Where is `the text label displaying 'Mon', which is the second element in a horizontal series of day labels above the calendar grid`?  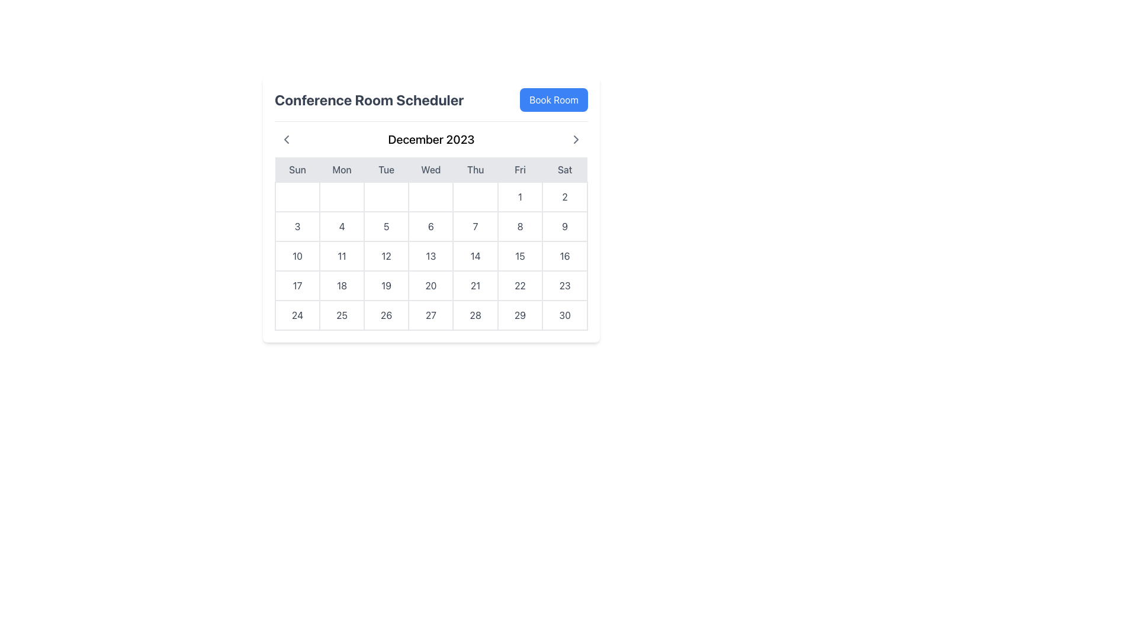 the text label displaying 'Mon', which is the second element in a horizontal series of day labels above the calendar grid is located at coordinates (341, 170).